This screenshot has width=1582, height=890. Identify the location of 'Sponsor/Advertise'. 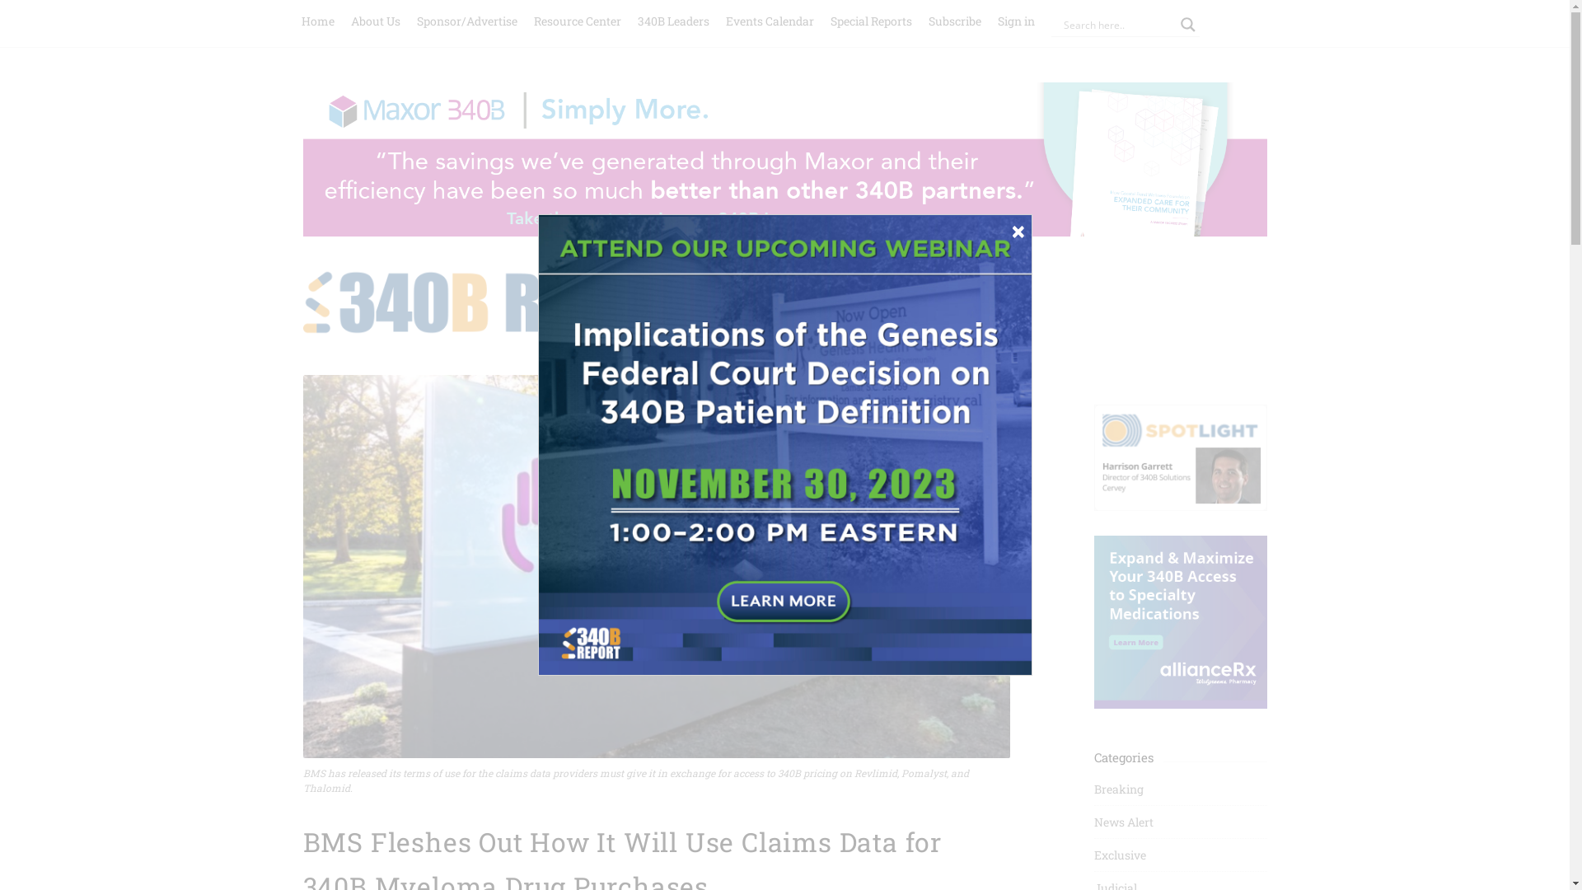
(466, 20).